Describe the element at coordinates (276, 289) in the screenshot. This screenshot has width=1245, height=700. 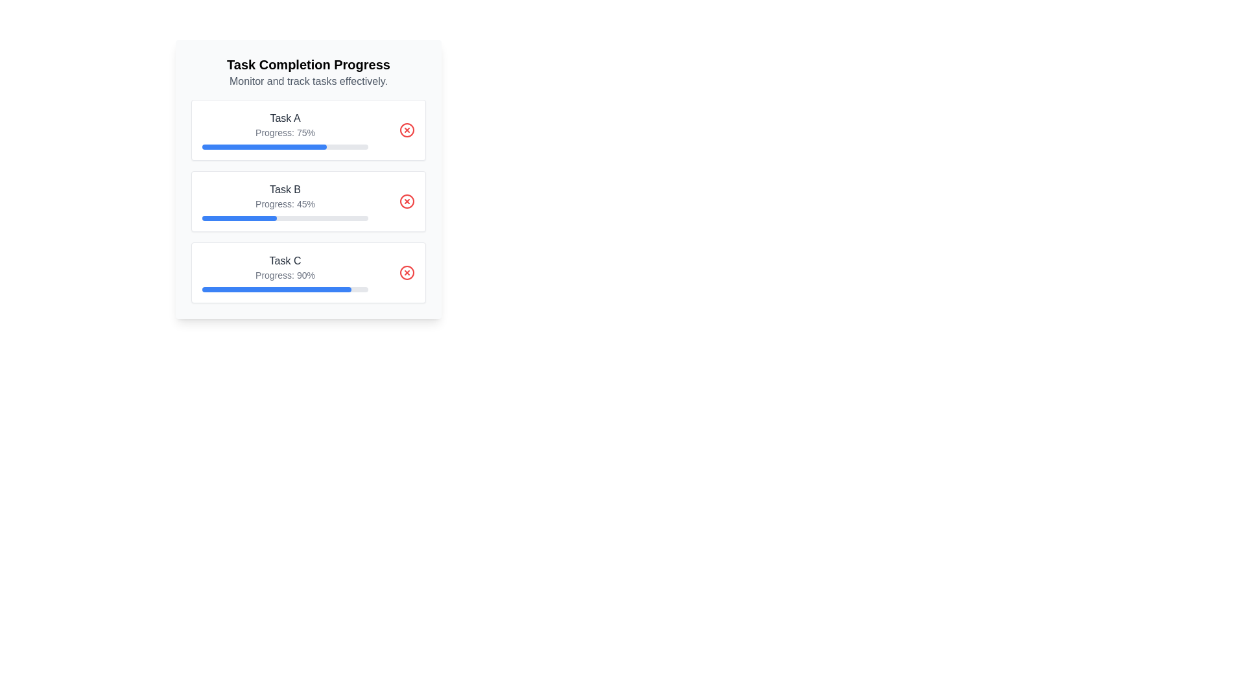
I see `the progress indicator inside the third progress bar labeled 'Progress: 90%' in the 'Task C' section` at that location.